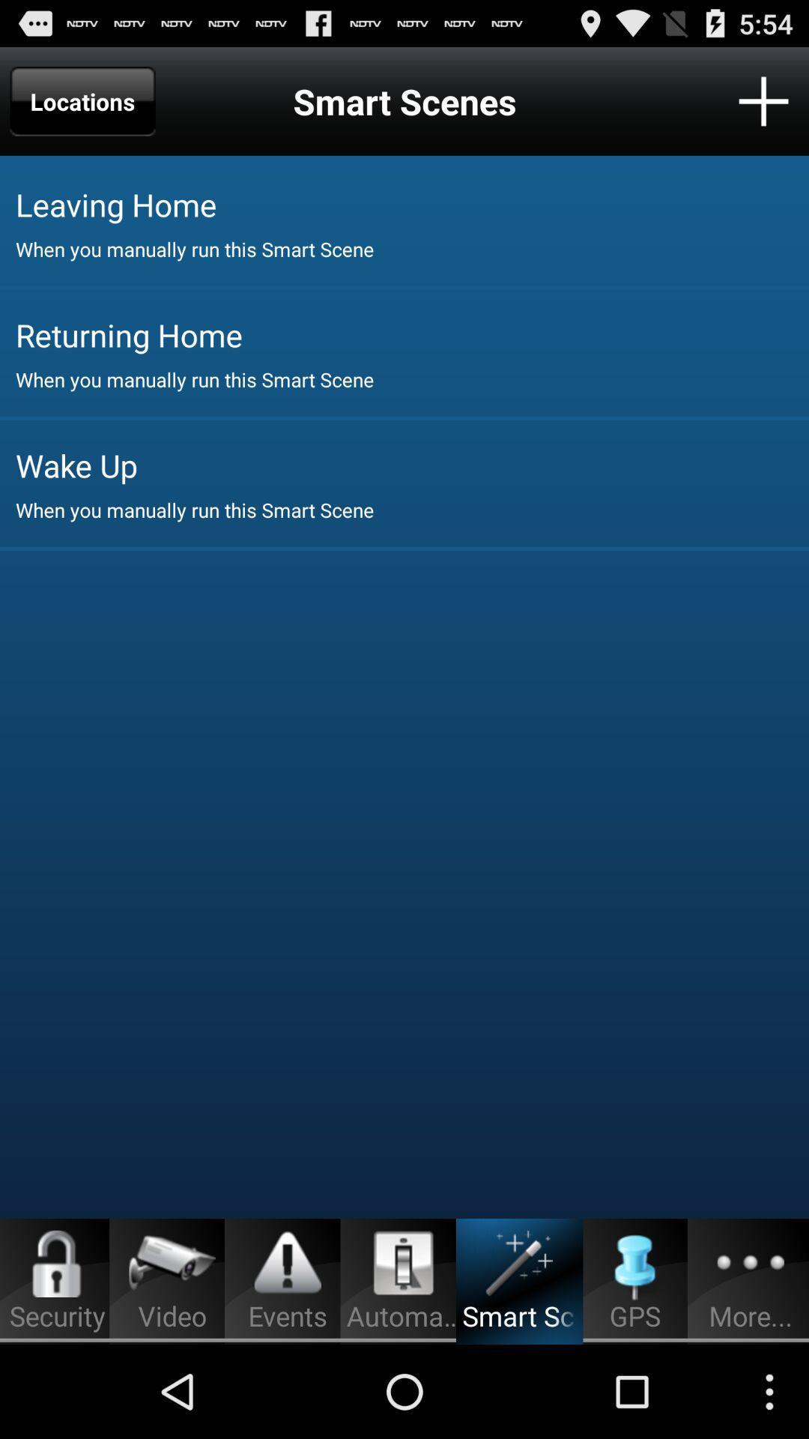 The image size is (809, 1439). Describe the element at coordinates (82, 100) in the screenshot. I see `the icon at the top left corner` at that location.